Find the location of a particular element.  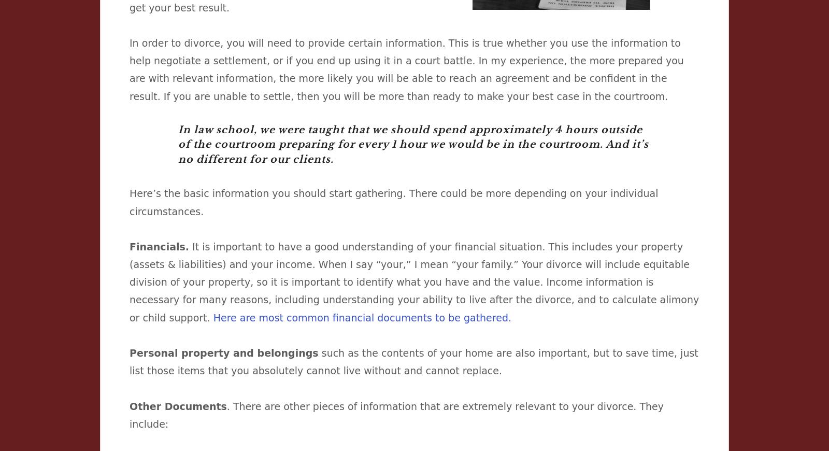

'Here are most common financial documents to be gathered.' is located at coordinates (362, 316).